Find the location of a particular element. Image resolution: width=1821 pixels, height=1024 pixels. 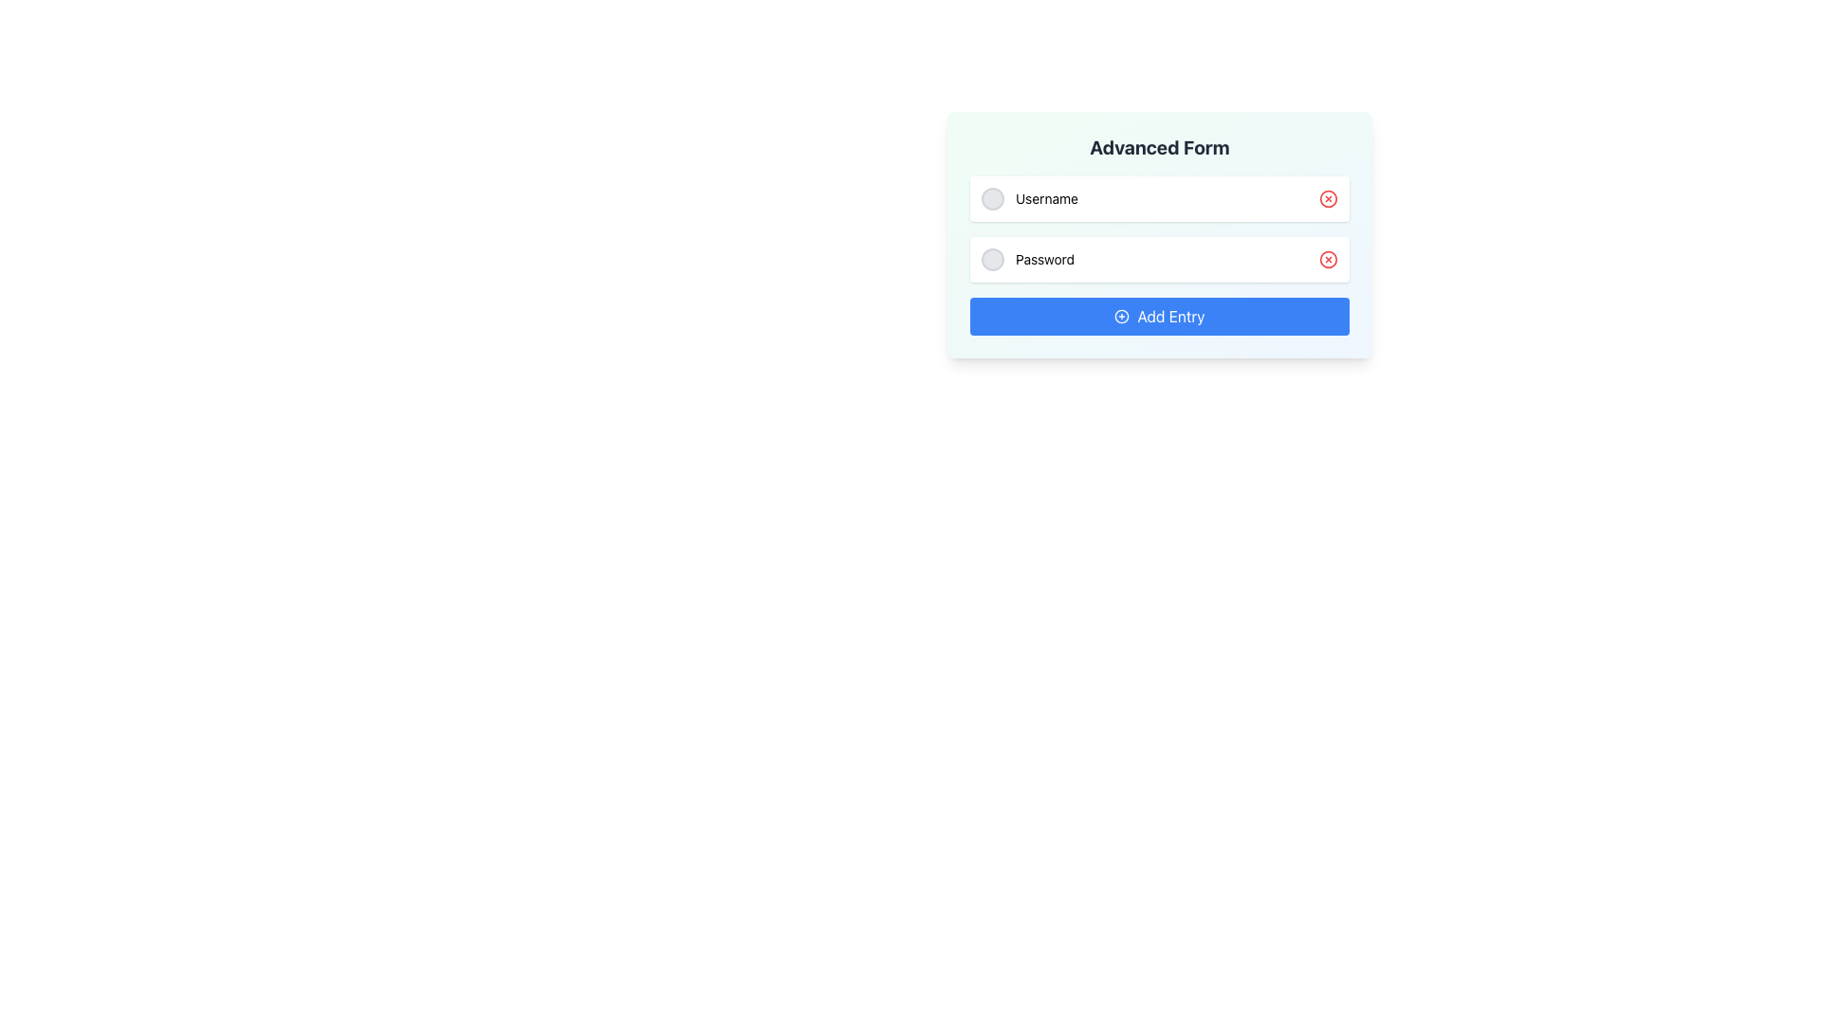

the 'Username' static text label, which serves as a descriptive label for the username input field located in the upper part of the form component is located at coordinates (1046, 198).